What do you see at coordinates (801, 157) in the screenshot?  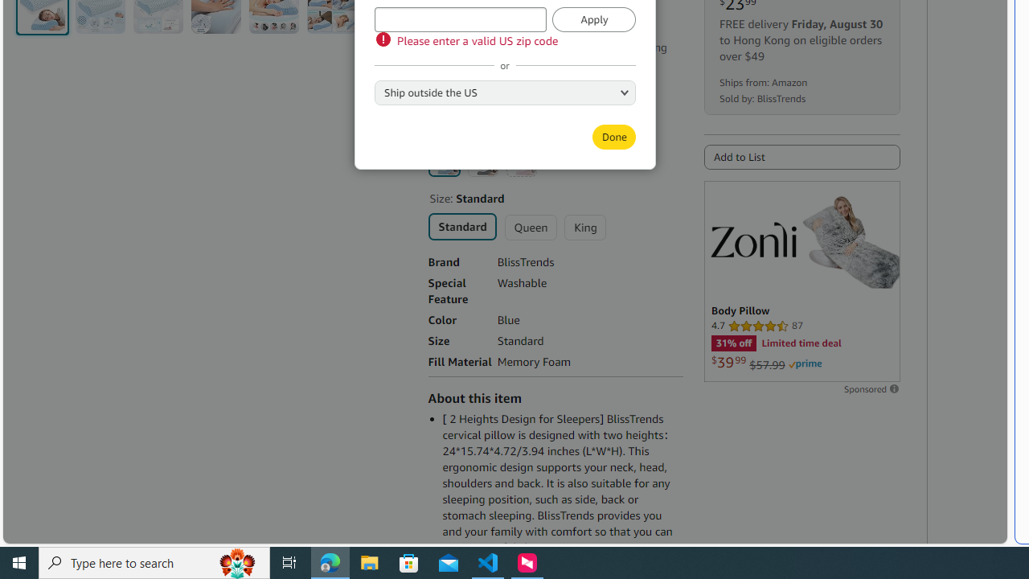 I see `'Add to List'` at bounding box center [801, 157].